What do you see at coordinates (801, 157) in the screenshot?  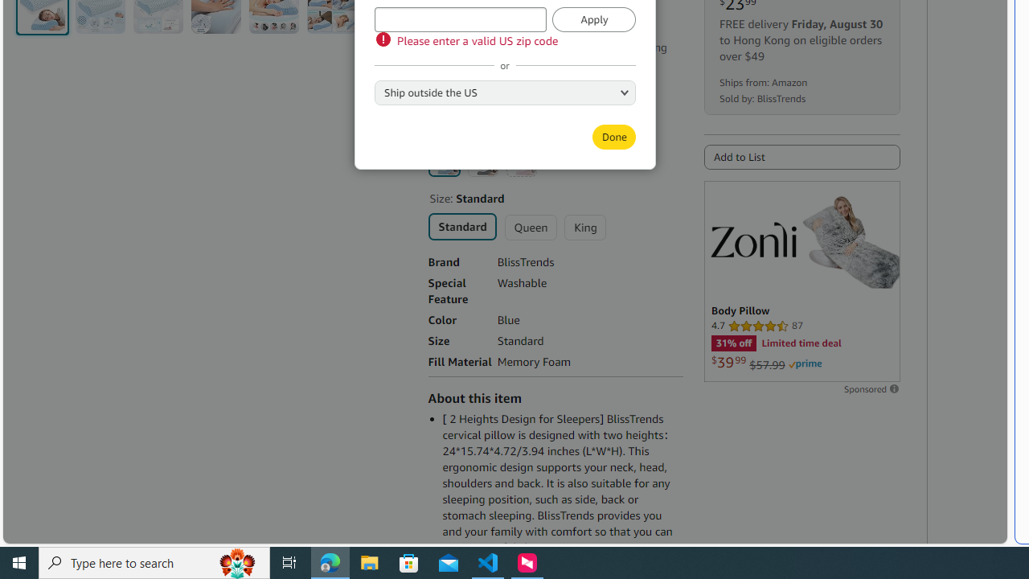 I see `'Add to List'` at bounding box center [801, 157].